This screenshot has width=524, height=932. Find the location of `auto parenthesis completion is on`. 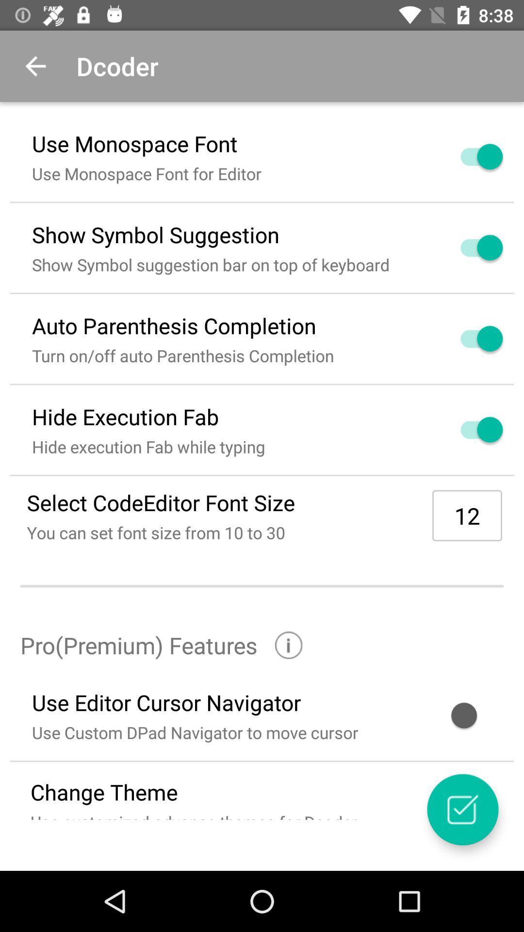

auto parenthesis completion is on is located at coordinates (470, 338).